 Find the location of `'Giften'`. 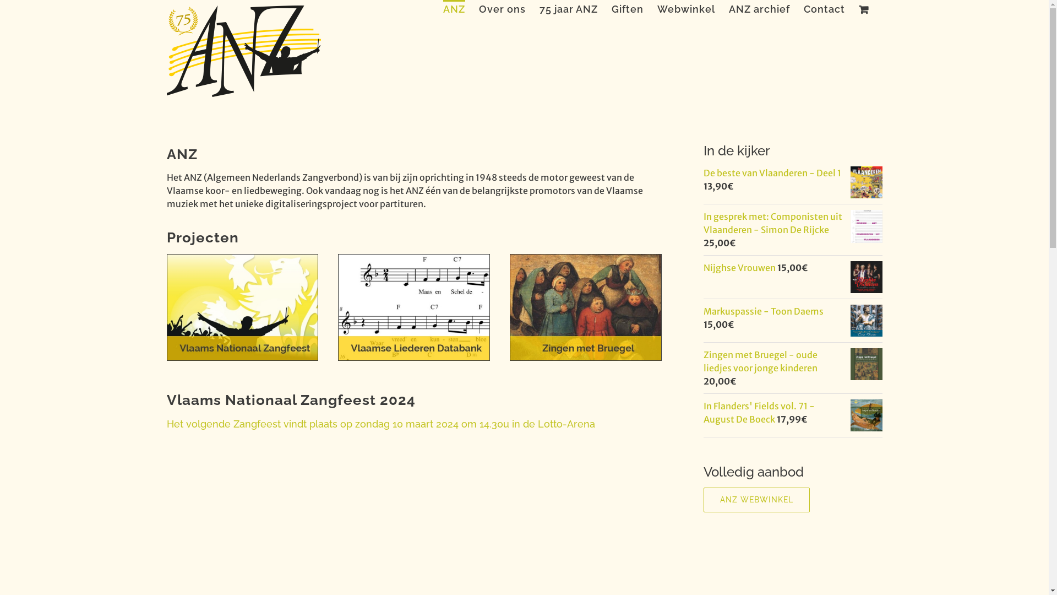

'Giften' is located at coordinates (626, 8).